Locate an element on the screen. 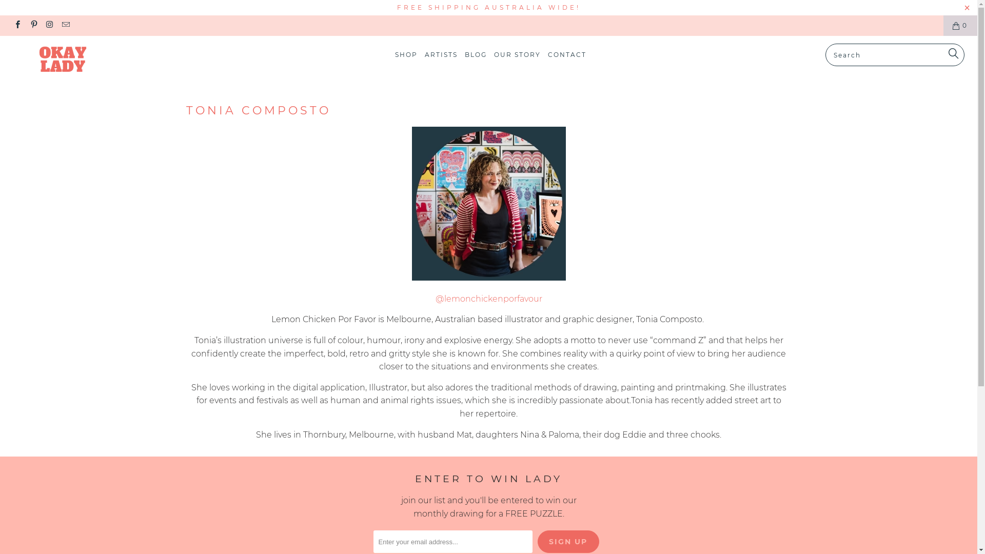  'Okay Lady on Pinterest' is located at coordinates (33, 25).